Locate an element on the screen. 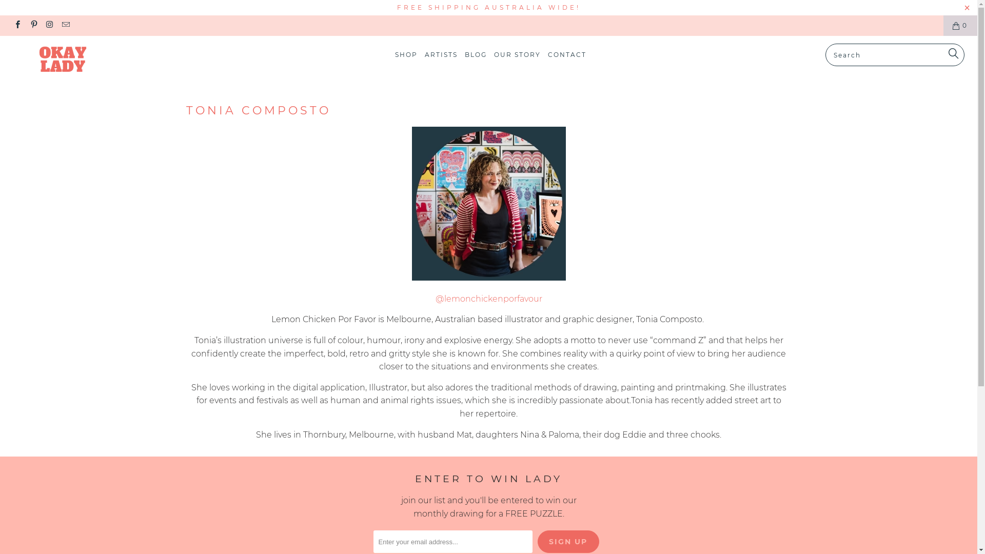  'Okay Lady on Pinterest' is located at coordinates (33, 25).